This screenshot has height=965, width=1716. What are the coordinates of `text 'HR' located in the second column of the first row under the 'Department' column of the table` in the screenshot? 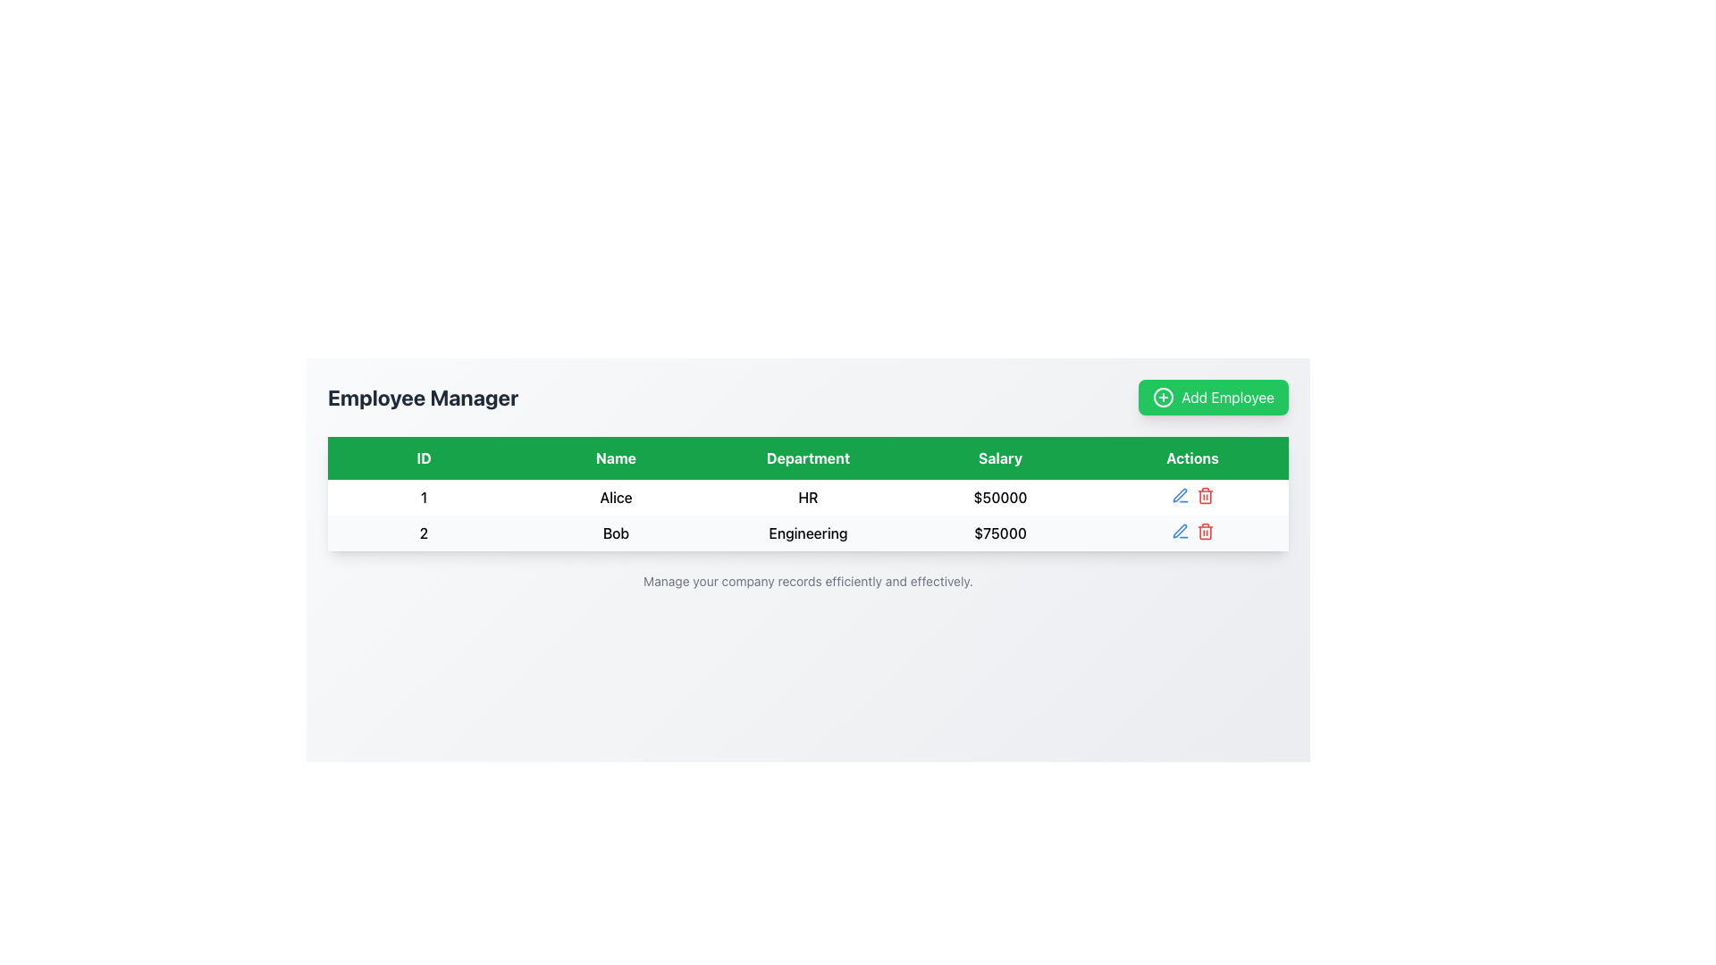 It's located at (807, 497).